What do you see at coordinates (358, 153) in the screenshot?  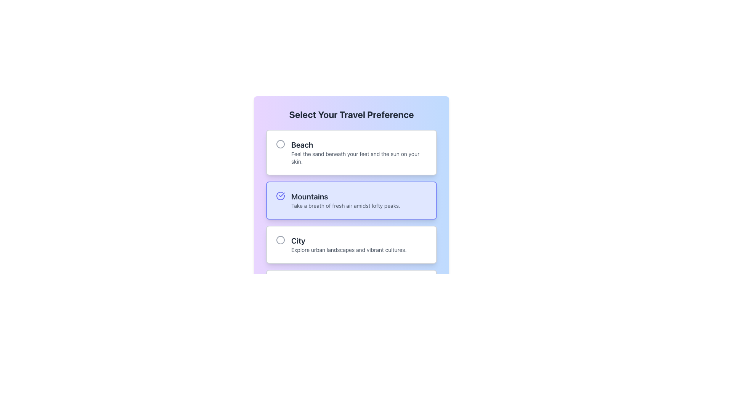 I see `the 'Beach' travel preference radio button option within the first card-like block of selectable options by navigating through the keyboard` at bounding box center [358, 153].